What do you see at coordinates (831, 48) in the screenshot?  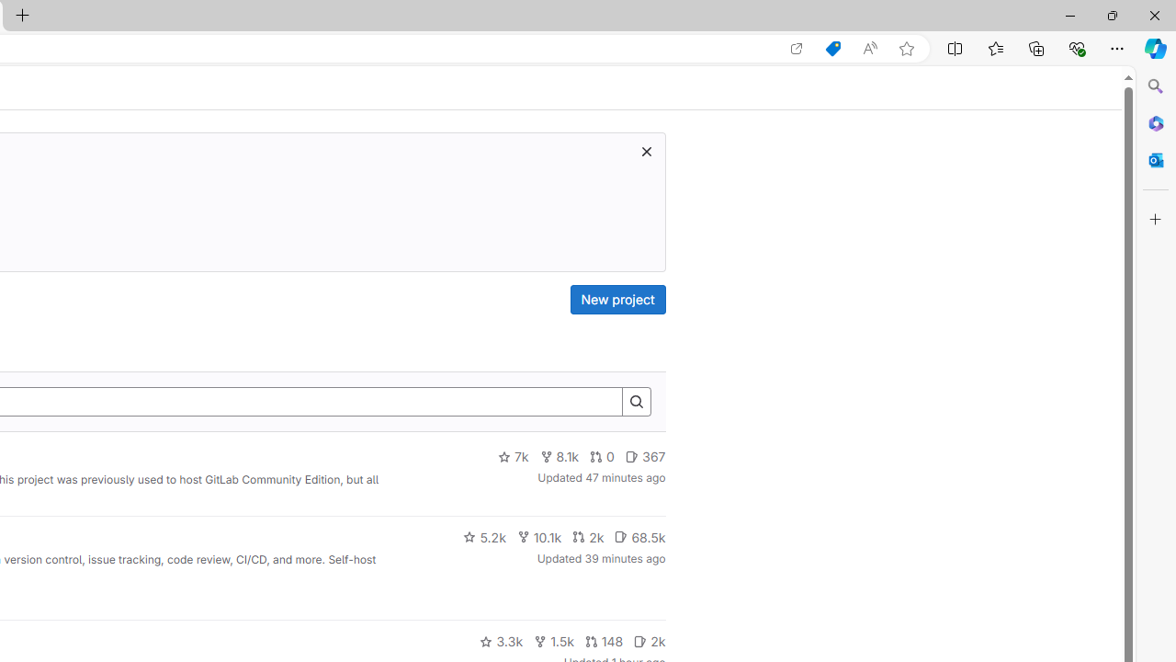 I see `'Shopping in Microsoft Edge'` at bounding box center [831, 48].